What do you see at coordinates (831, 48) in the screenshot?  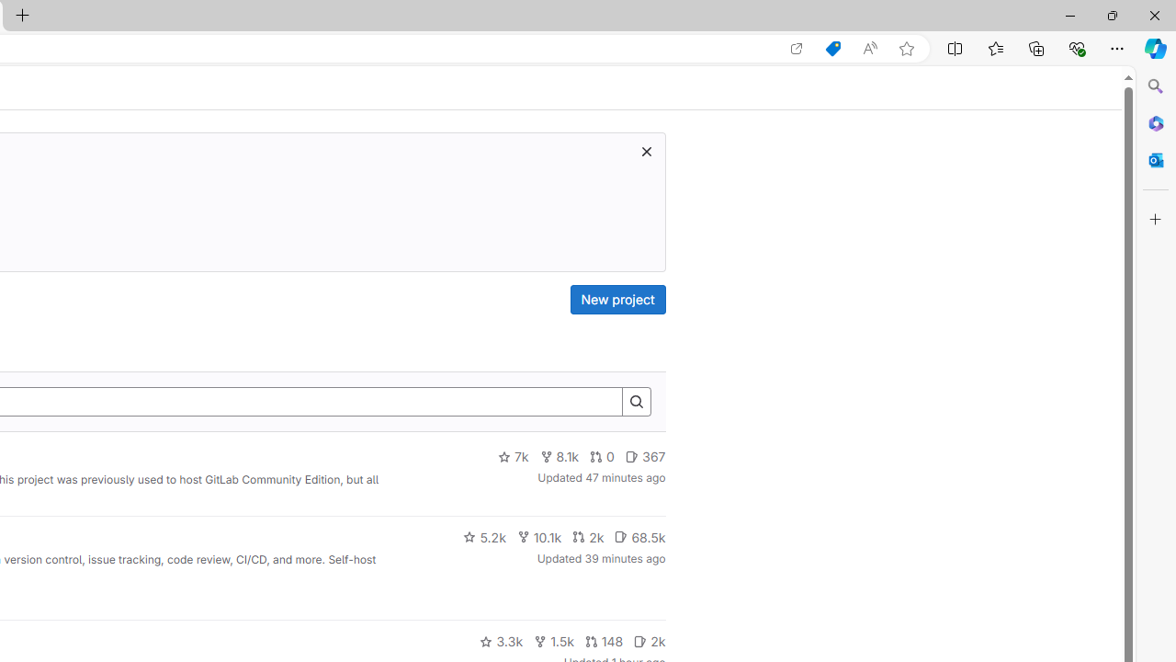 I see `'Shopping in Microsoft Edge'` at bounding box center [831, 48].